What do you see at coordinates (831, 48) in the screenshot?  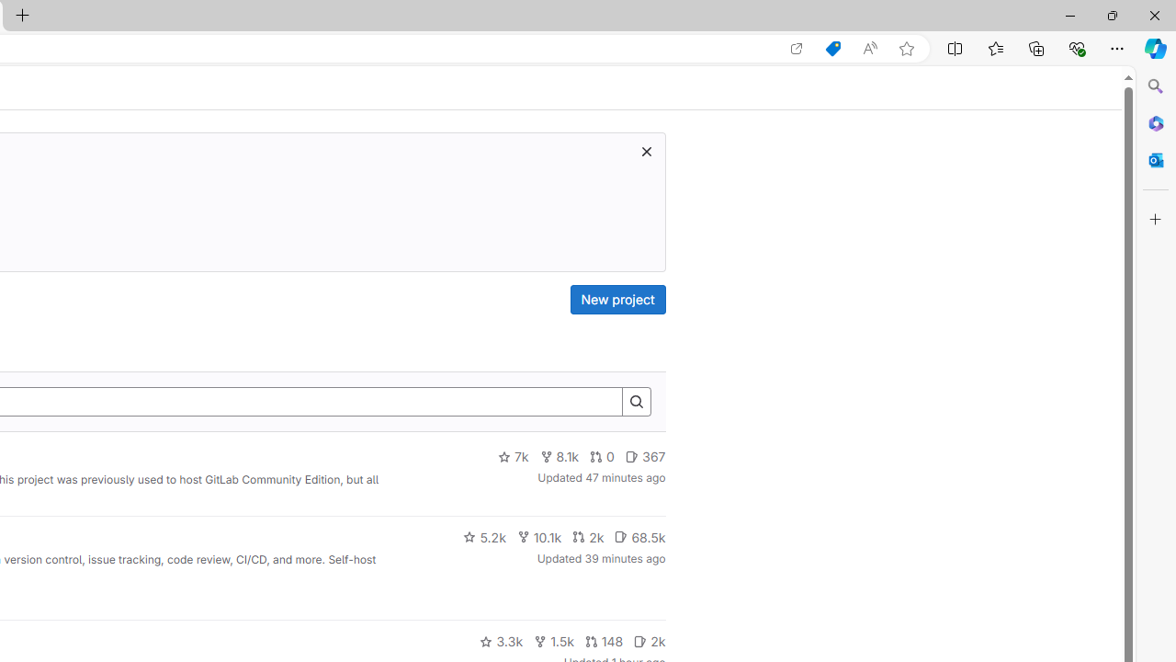 I see `'Shopping in Microsoft Edge'` at bounding box center [831, 48].